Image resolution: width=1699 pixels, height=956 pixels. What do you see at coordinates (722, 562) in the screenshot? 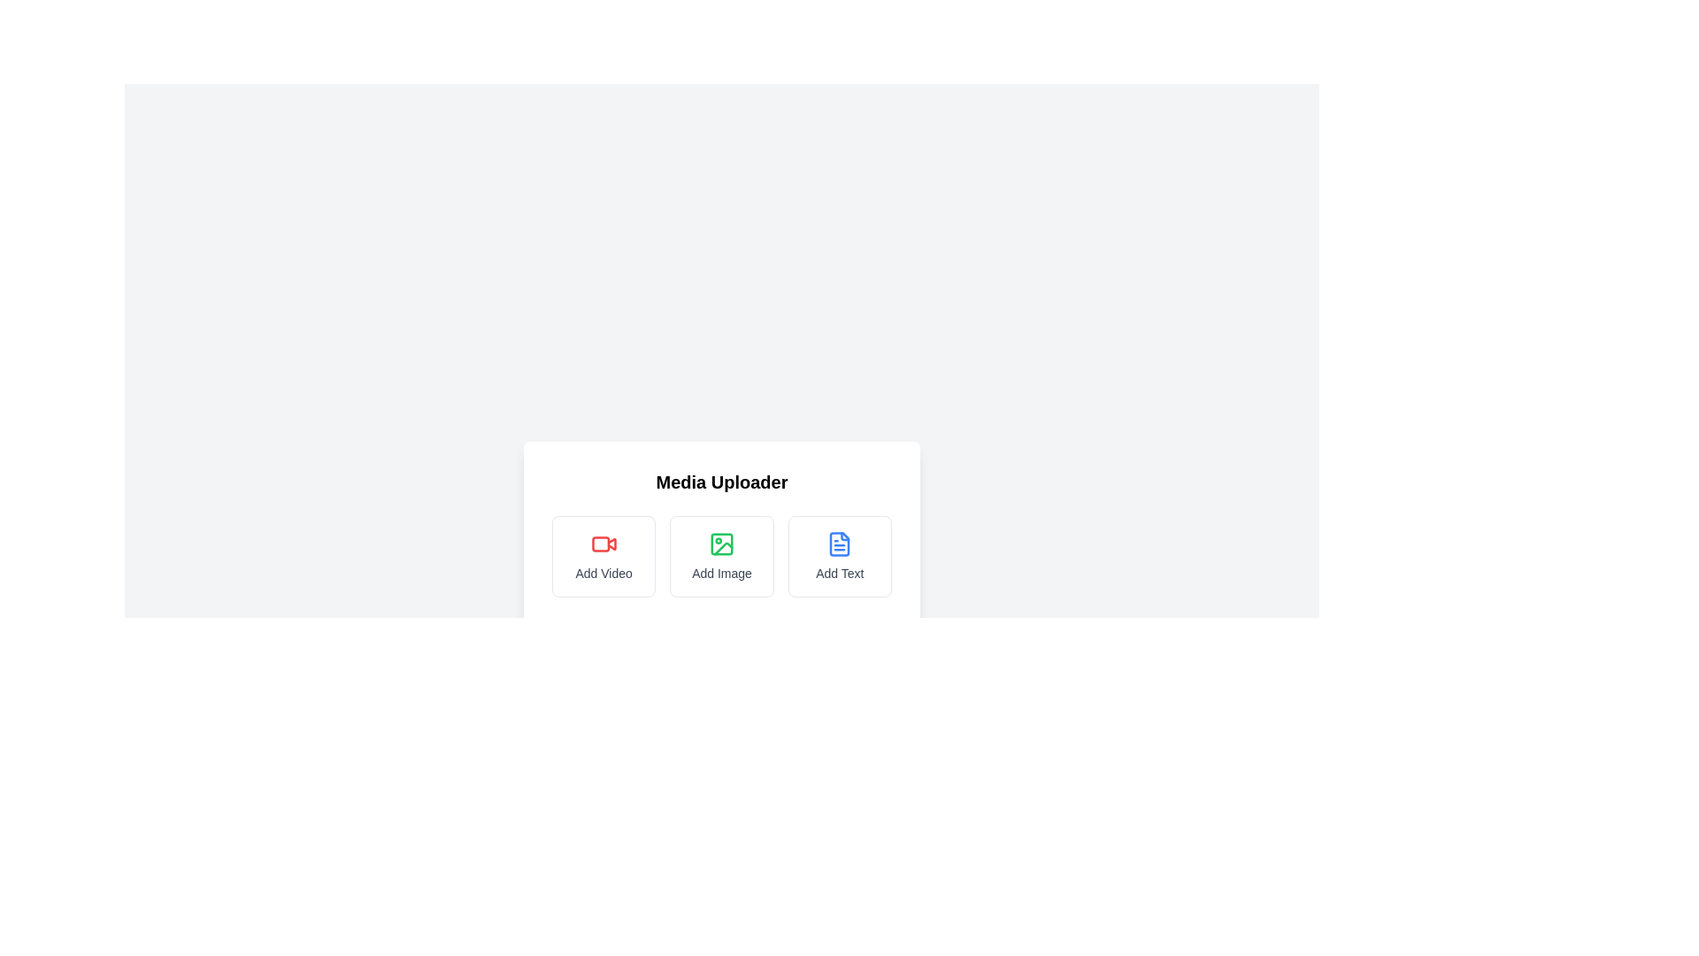
I see `the 'Add Image' button, which is a card-like button with a white background and a green image icon, located centrally in the grid layout under the 'Media Uploader' title` at bounding box center [722, 562].